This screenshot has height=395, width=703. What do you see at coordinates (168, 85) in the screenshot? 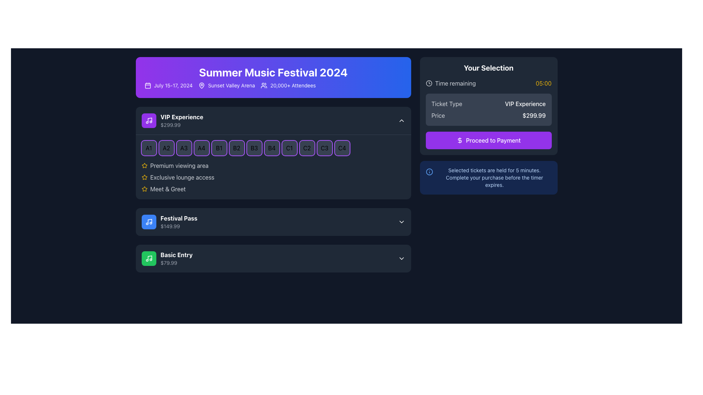
I see `the text label displaying 'July 15-17, 2024' next to the minimalist calendar icon, located in the purple rectangular segment at the top-left corner of the interface` at bounding box center [168, 85].